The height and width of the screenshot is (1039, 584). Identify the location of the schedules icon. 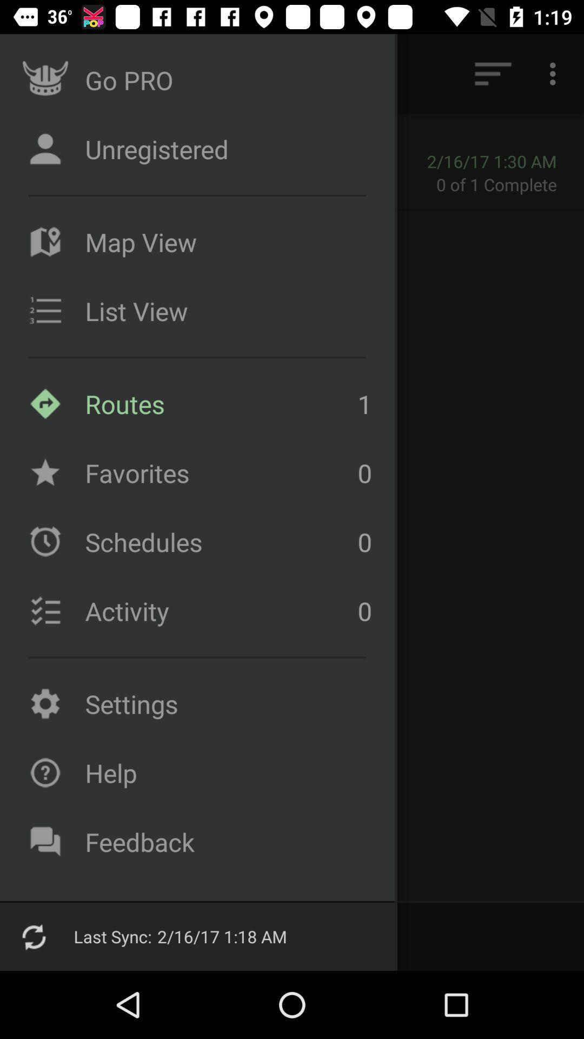
(45, 542).